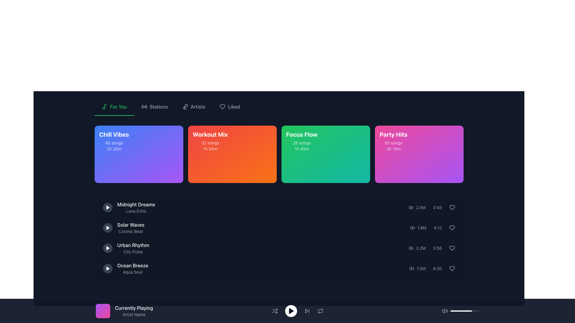  I want to click on the text label that provides supplementary information about the song 'Midnight Dreams', so click(136, 211).